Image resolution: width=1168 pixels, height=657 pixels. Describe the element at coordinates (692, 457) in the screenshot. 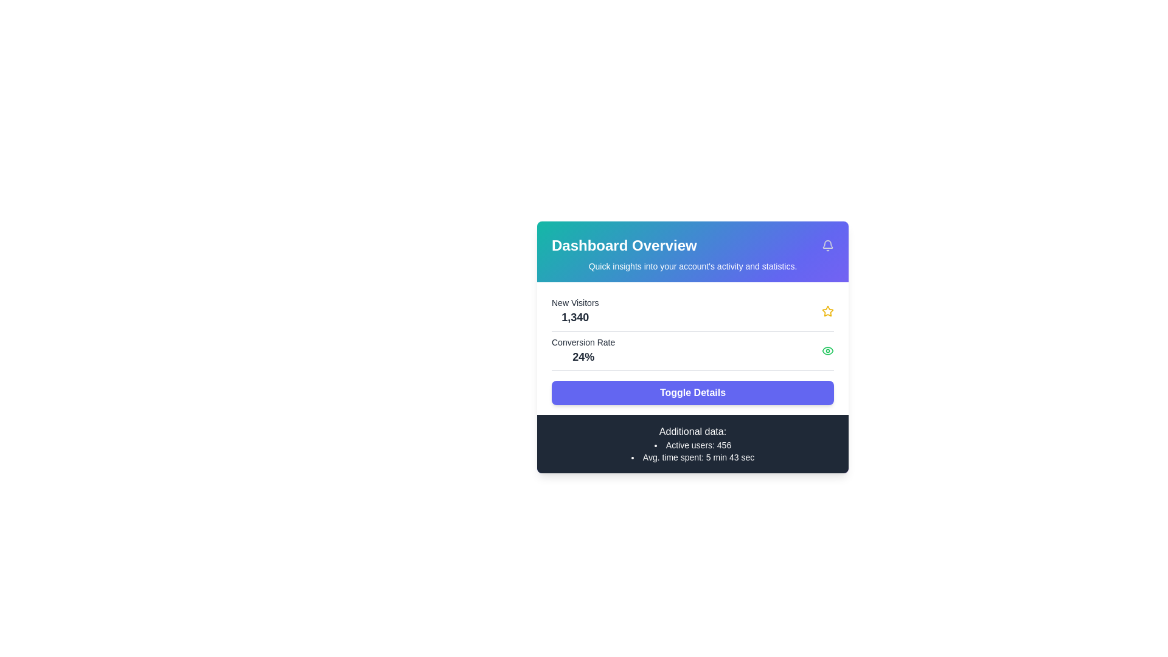

I see `the text label displaying 'Avg. time spent: 5 min 43 sec', which is the second item in a bullet point list located below 'Active users: 456'` at that location.